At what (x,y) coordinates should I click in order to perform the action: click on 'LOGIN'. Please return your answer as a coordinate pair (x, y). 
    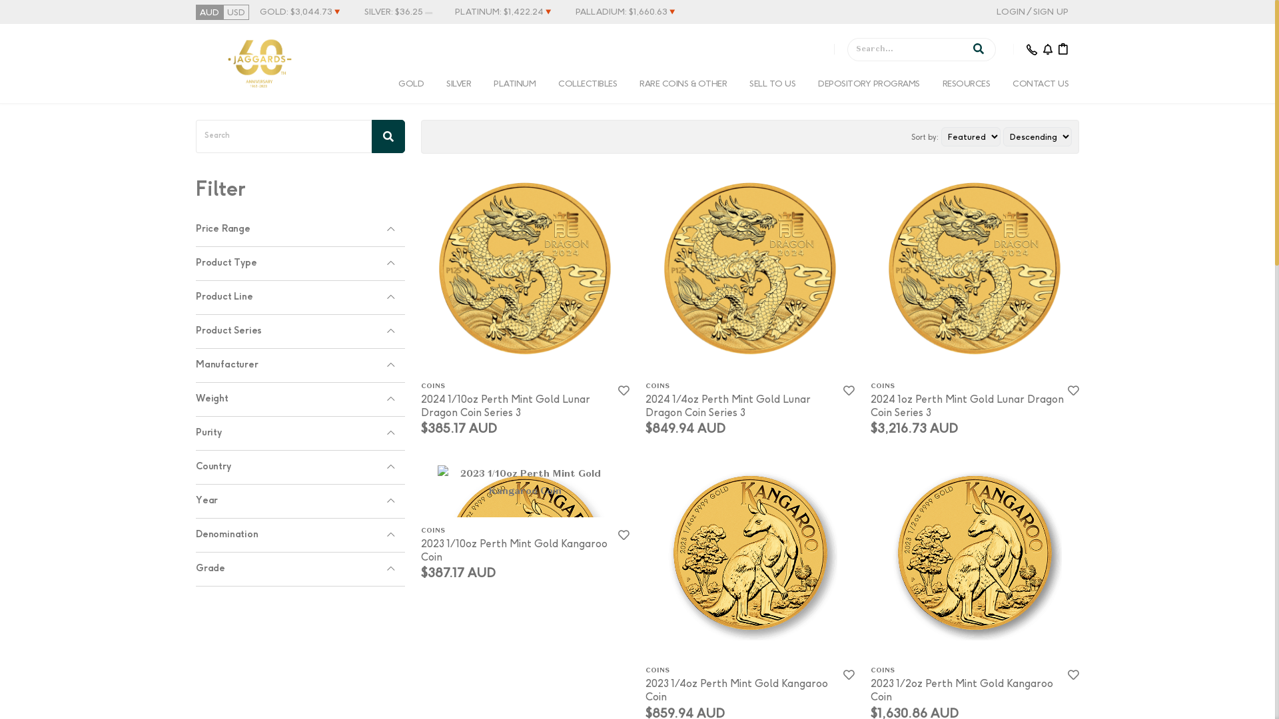
    Looking at the image, I should click on (997, 11).